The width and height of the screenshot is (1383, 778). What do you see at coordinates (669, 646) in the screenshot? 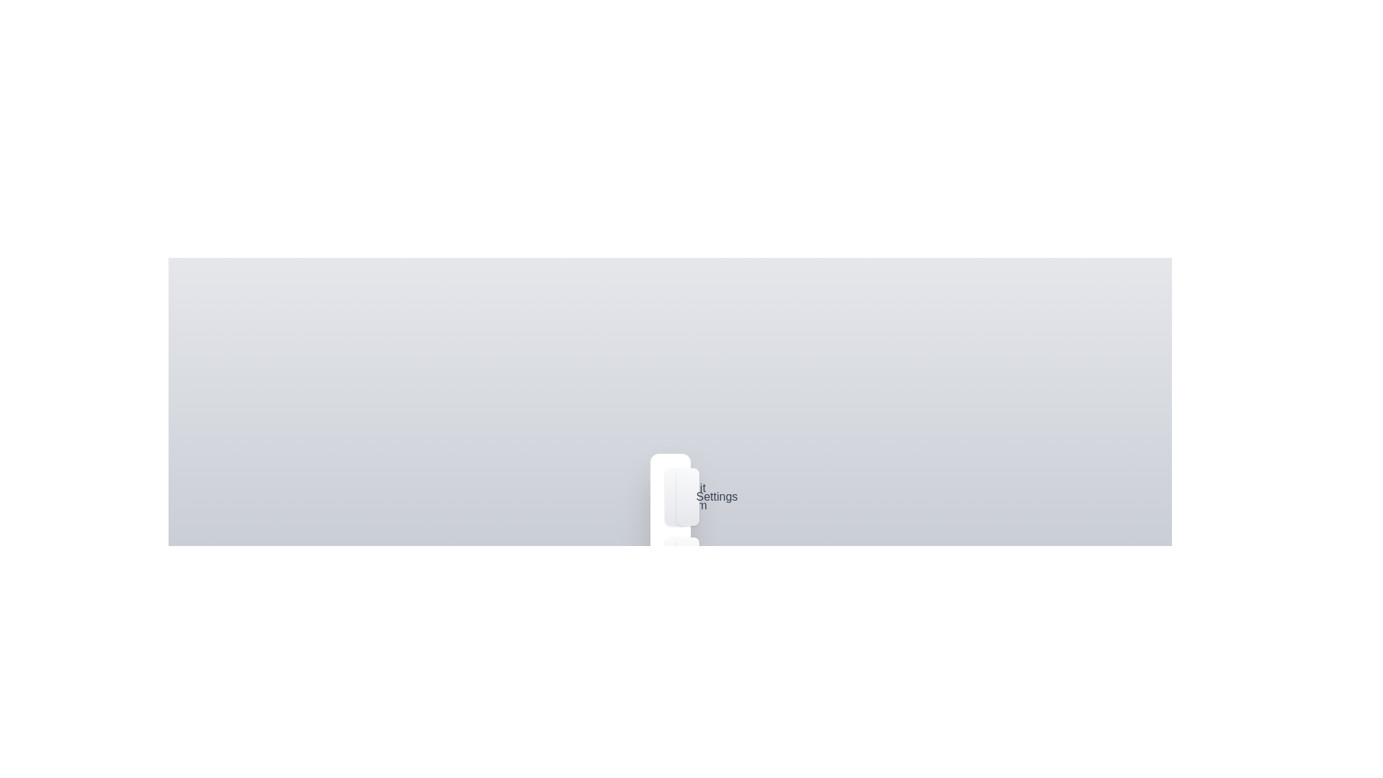
I see `the toggle button to open or close the menu` at bounding box center [669, 646].